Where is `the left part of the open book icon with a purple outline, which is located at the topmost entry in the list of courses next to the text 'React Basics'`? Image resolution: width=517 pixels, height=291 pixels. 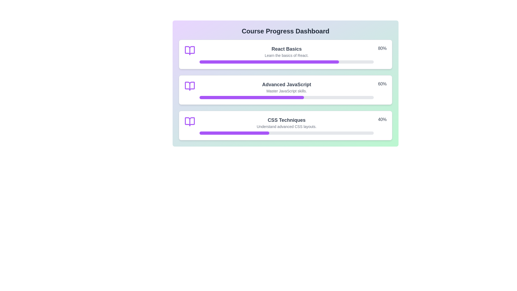
the left part of the open book icon with a purple outline, which is located at the topmost entry in the list of courses next to the text 'React Basics' is located at coordinates (190, 51).